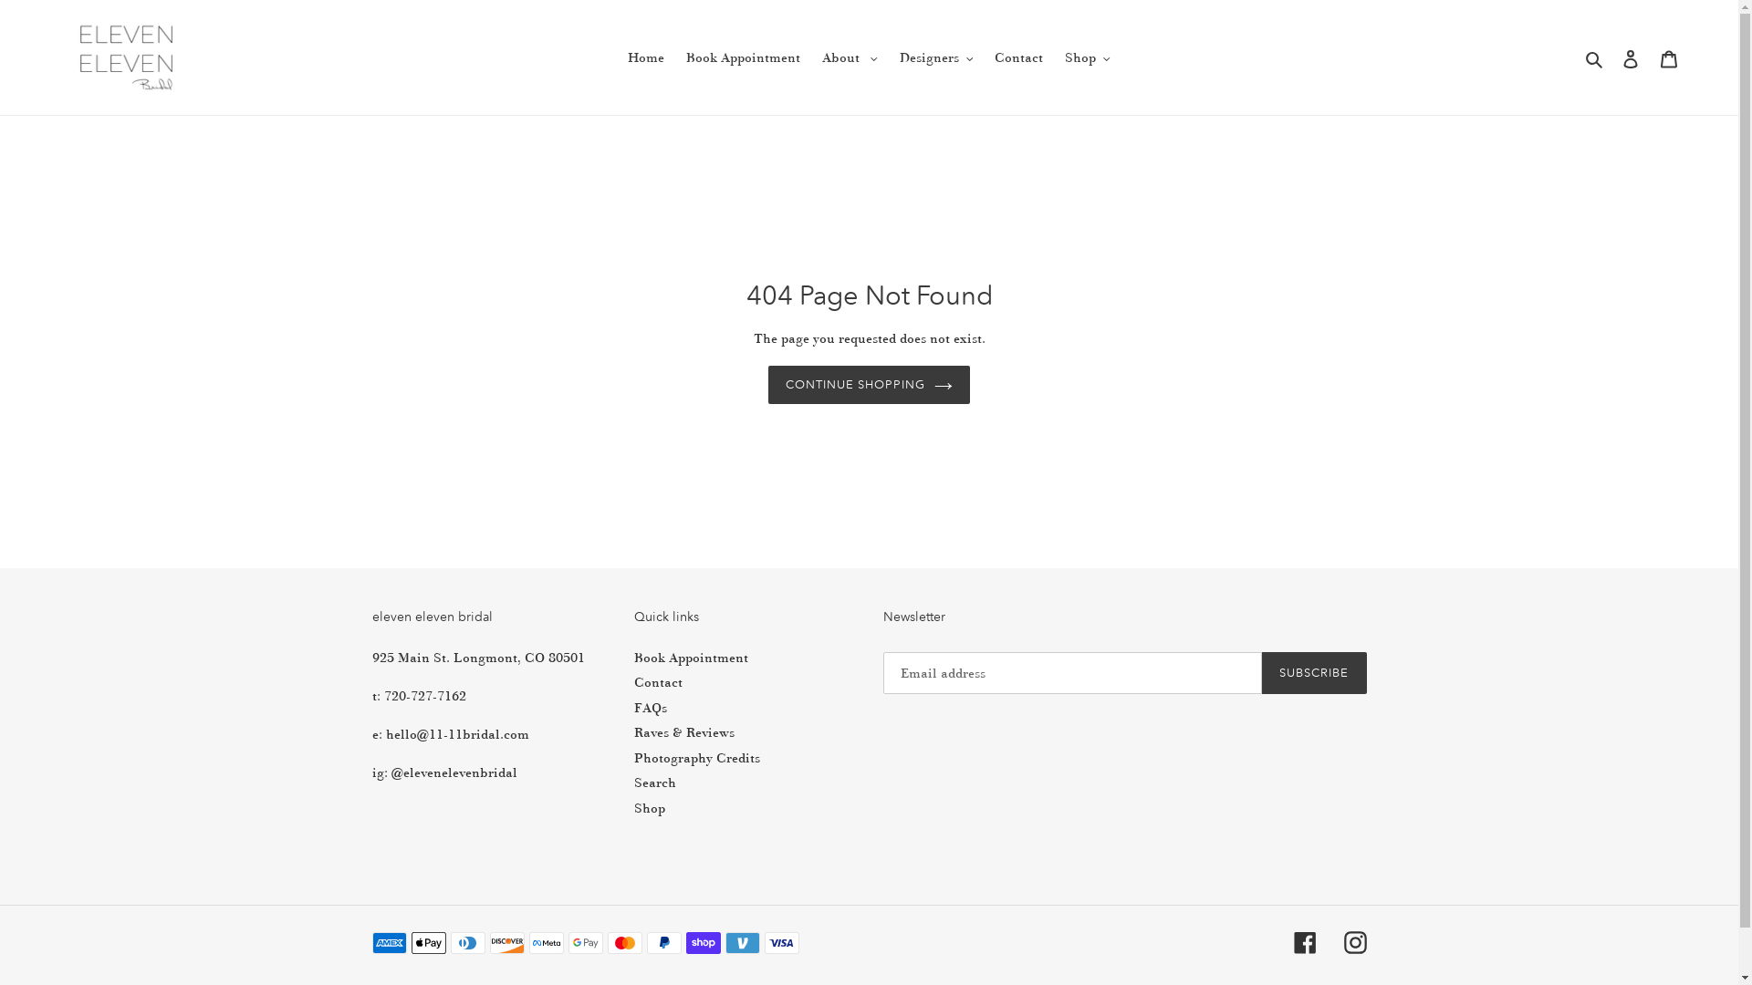 The height and width of the screenshot is (985, 1752). Describe the element at coordinates (1354, 942) in the screenshot. I see `'Instagram'` at that location.